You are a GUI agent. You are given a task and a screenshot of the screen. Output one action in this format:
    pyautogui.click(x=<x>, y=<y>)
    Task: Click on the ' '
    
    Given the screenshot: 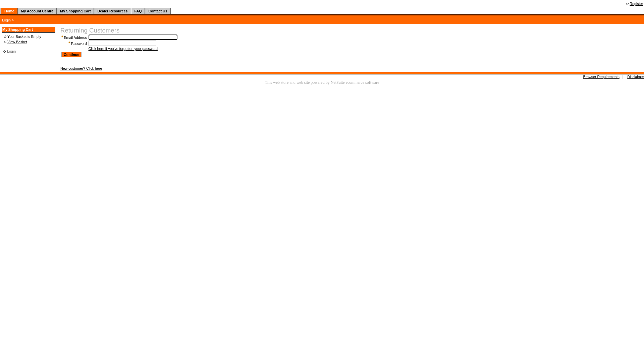 What is the action you would take?
    pyautogui.click(x=1, y=10)
    